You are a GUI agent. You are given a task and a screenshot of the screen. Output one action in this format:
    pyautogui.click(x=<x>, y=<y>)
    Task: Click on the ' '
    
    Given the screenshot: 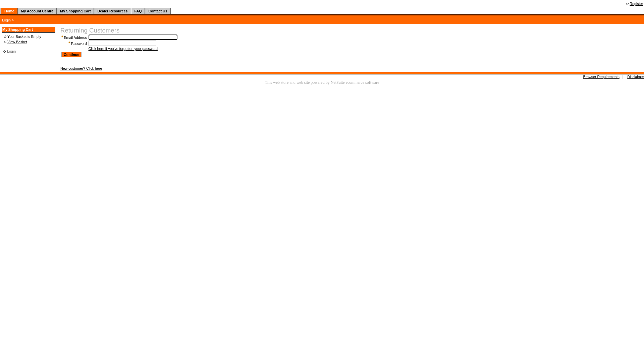 What is the action you would take?
    pyautogui.click(x=1, y=10)
    